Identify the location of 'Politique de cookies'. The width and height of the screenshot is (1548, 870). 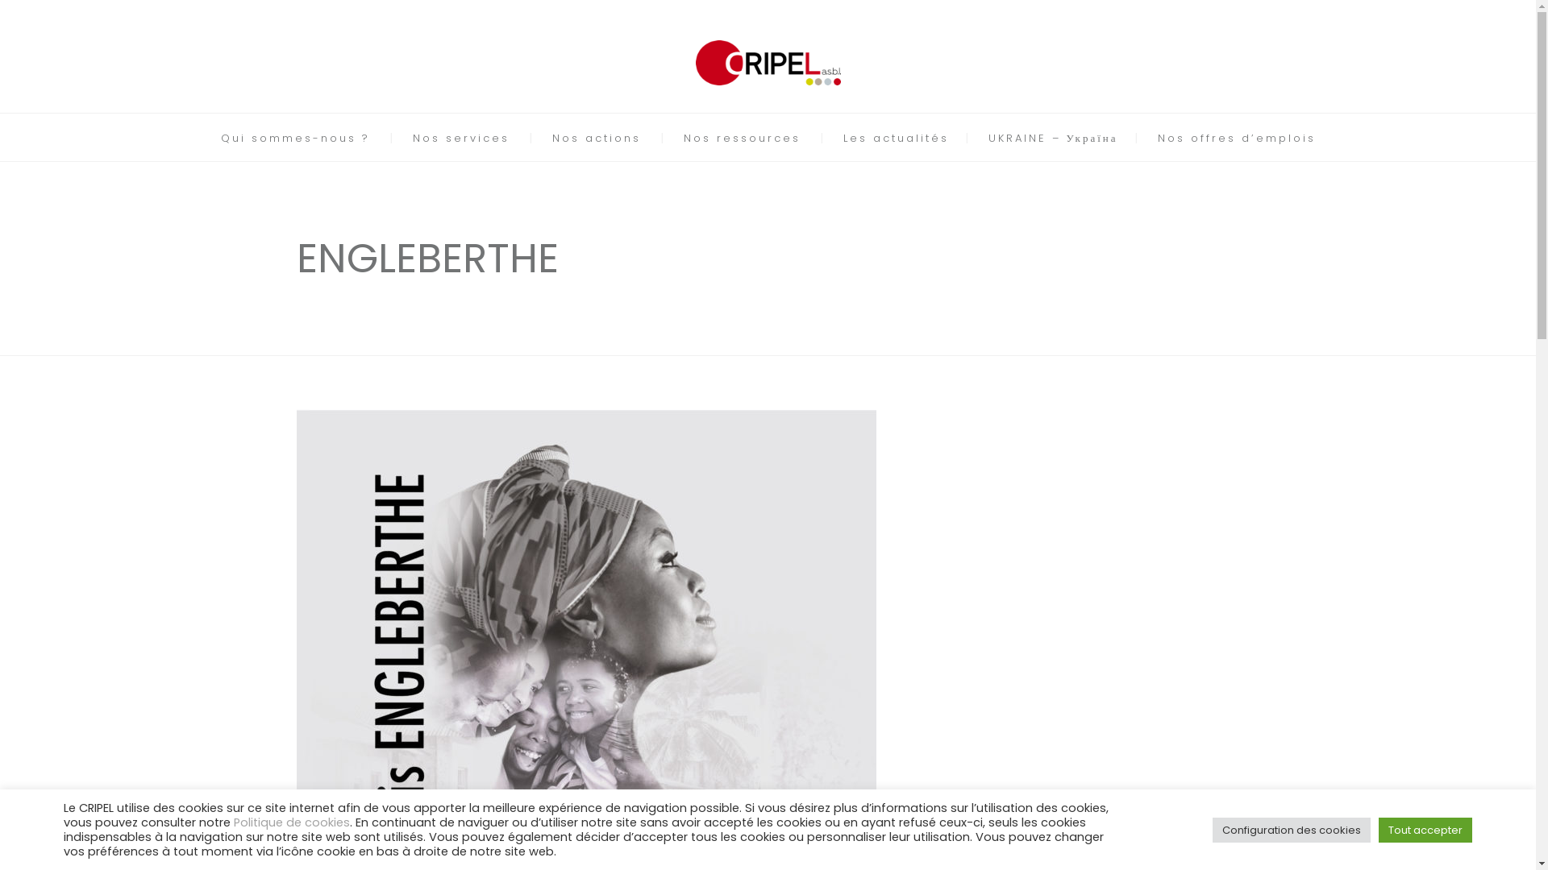
(232, 822).